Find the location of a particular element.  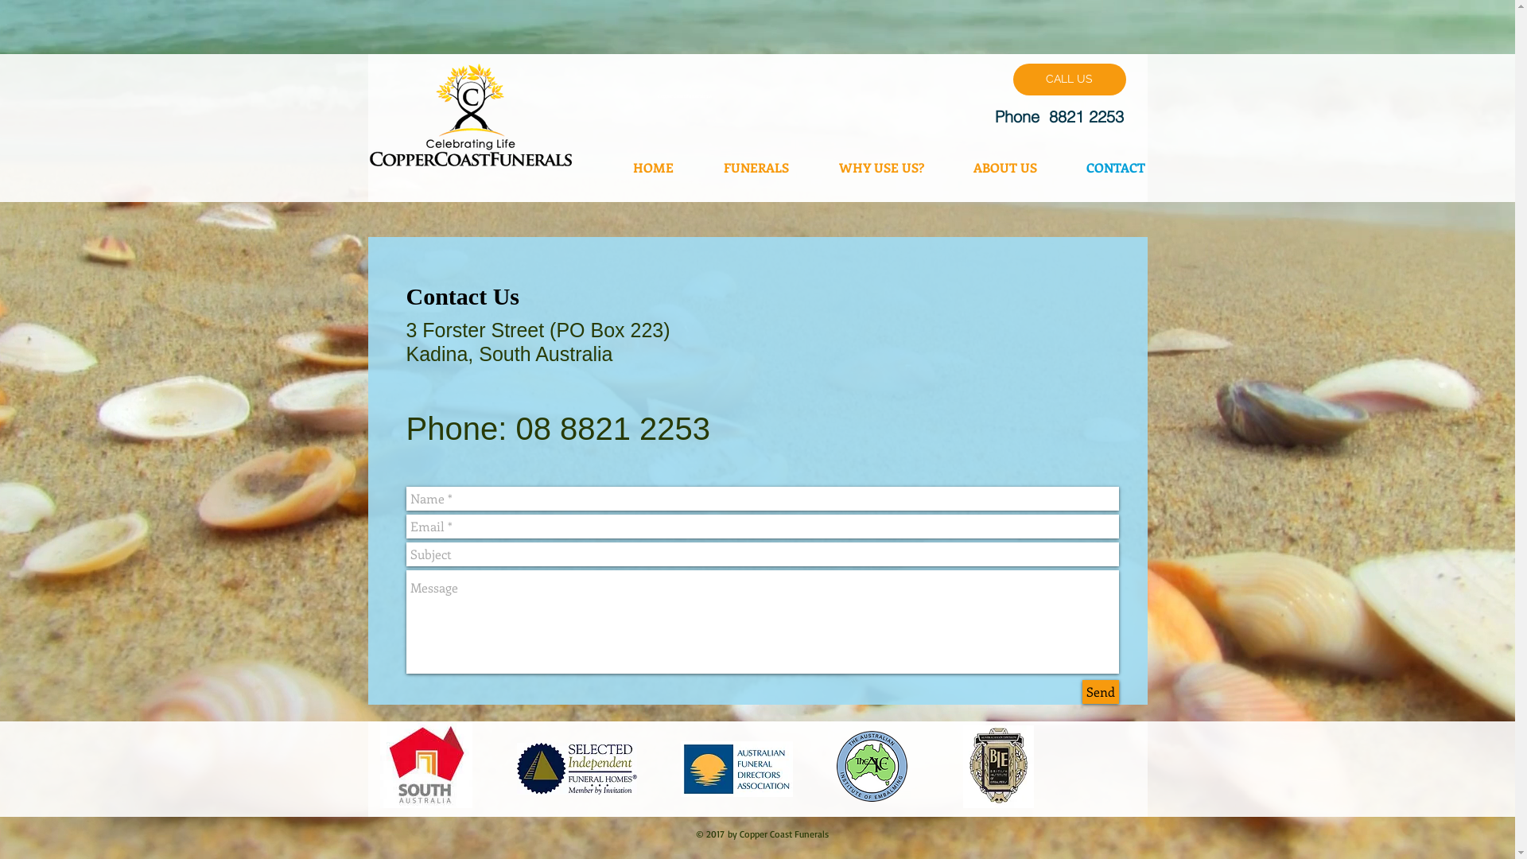

'Send' is located at coordinates (1098, 691).